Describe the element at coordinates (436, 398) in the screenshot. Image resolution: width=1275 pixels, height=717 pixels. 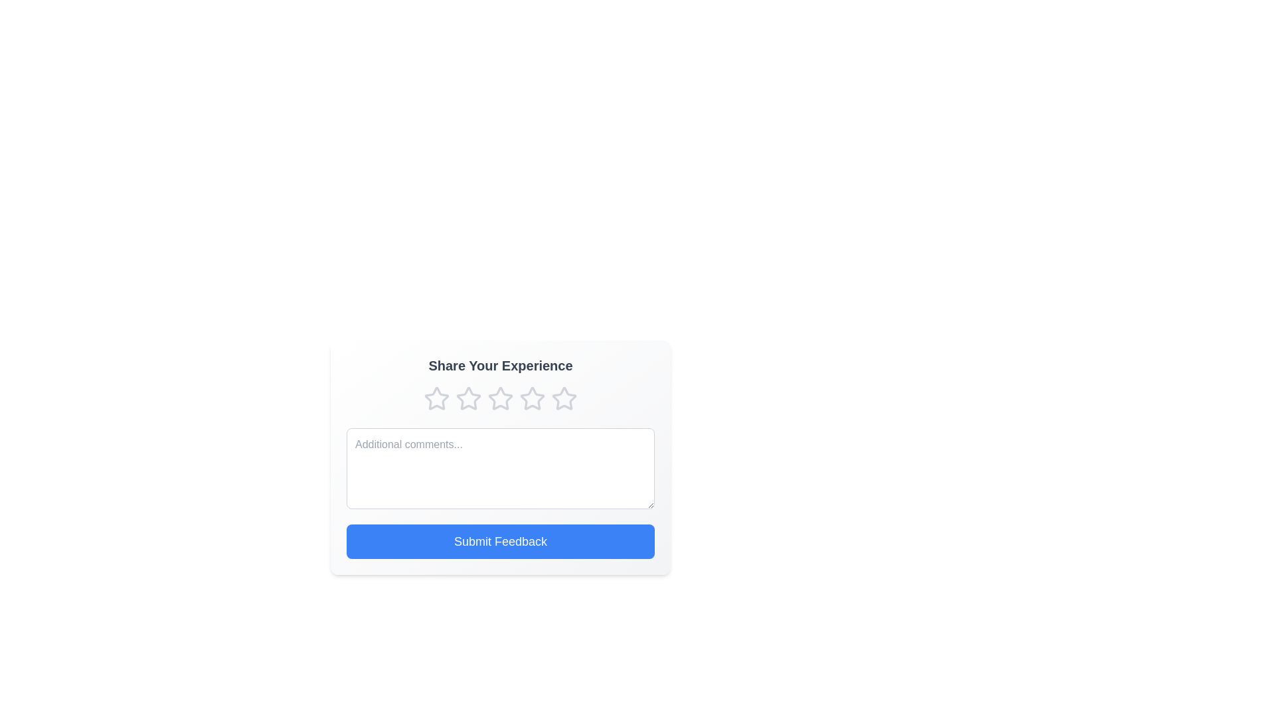
I see `the first star rating icon, which is outlined in gray and part of a row of five star icons` at that location.